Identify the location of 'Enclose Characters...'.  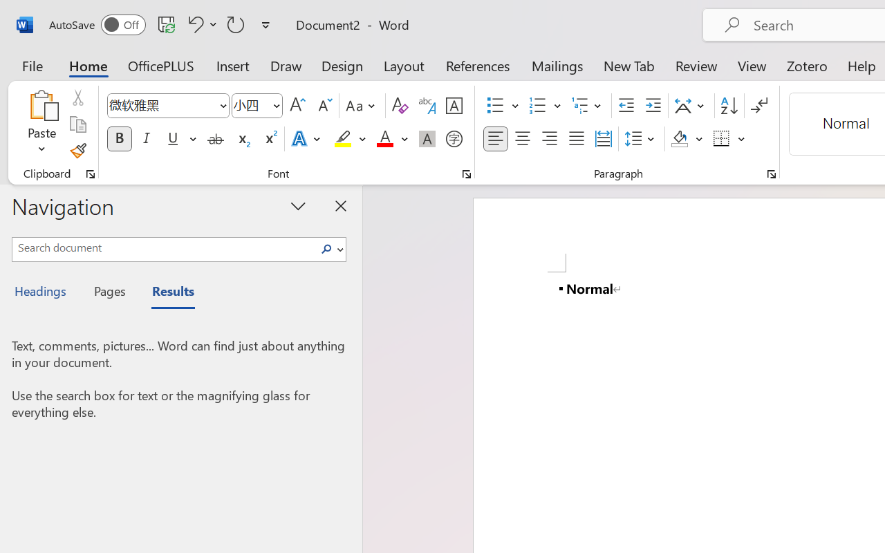
(454, 139).